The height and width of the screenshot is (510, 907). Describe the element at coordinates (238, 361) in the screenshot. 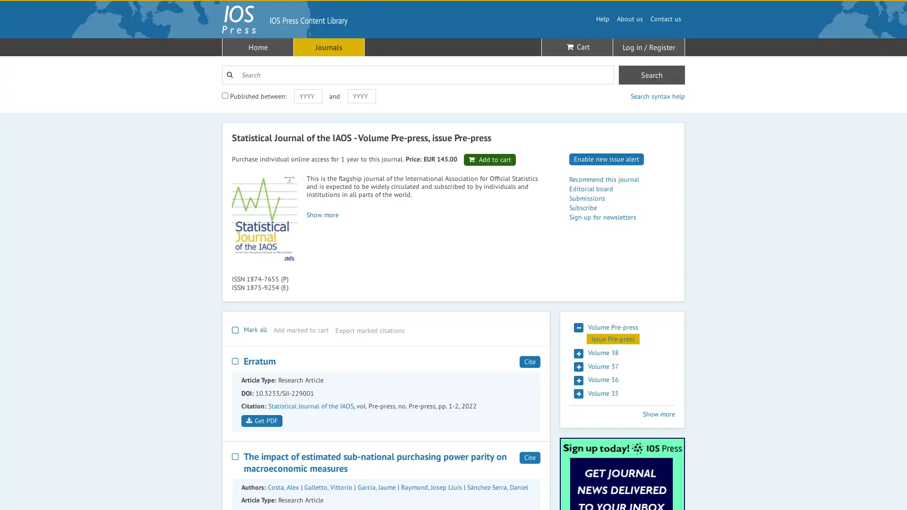

I see `Select this result for bulk action` at that location.